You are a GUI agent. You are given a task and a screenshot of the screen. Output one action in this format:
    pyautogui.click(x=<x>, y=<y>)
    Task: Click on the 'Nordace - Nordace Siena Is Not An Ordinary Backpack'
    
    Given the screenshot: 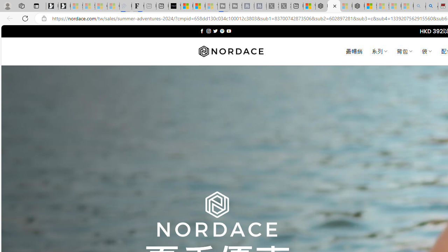 What is the action you would take?
    pyautogui.click(x=358, y=6)
    